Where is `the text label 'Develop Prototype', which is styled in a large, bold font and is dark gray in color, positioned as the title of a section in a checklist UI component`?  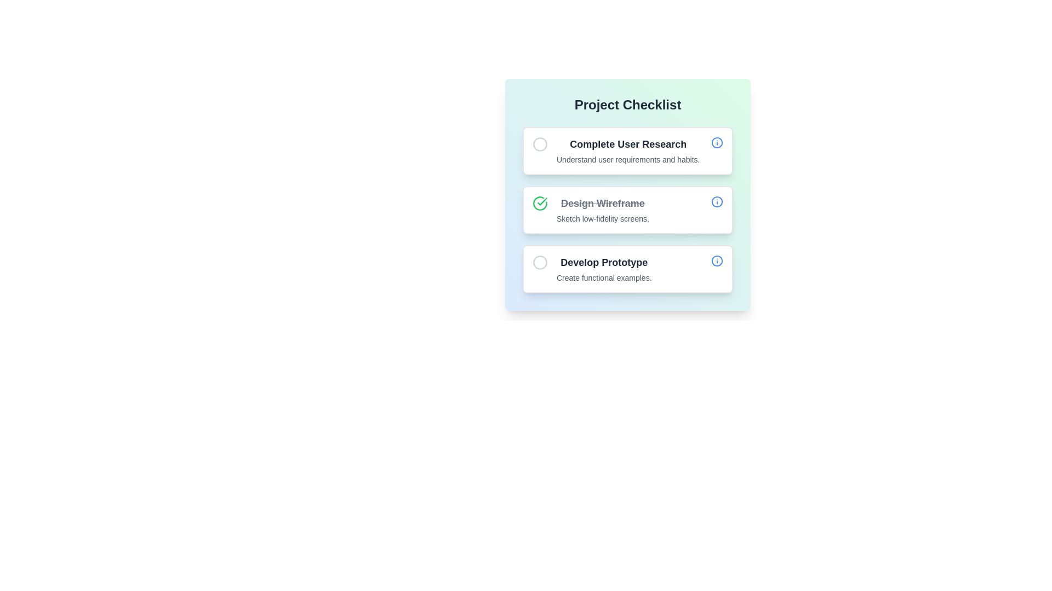 the text label 'Develop Prototype', which is styled in a large, bold font and is dark gray in color, positioned as the title of a section in a checklist UI component is located at coordinates (603, 262).